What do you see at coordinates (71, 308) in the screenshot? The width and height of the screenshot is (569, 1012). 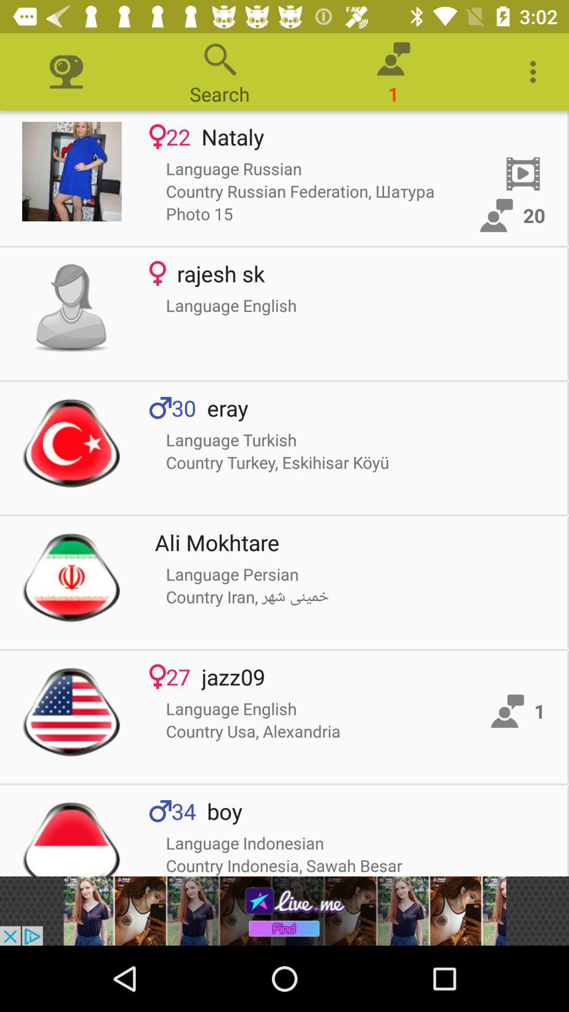 I see `this profile` at bounding box center [71, 308].